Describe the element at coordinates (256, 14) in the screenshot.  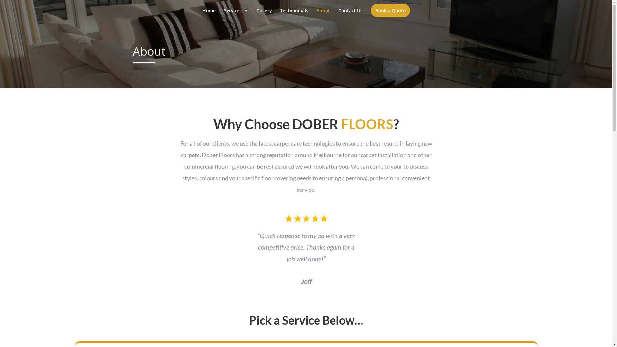
I see `'Gallery'` at that location.